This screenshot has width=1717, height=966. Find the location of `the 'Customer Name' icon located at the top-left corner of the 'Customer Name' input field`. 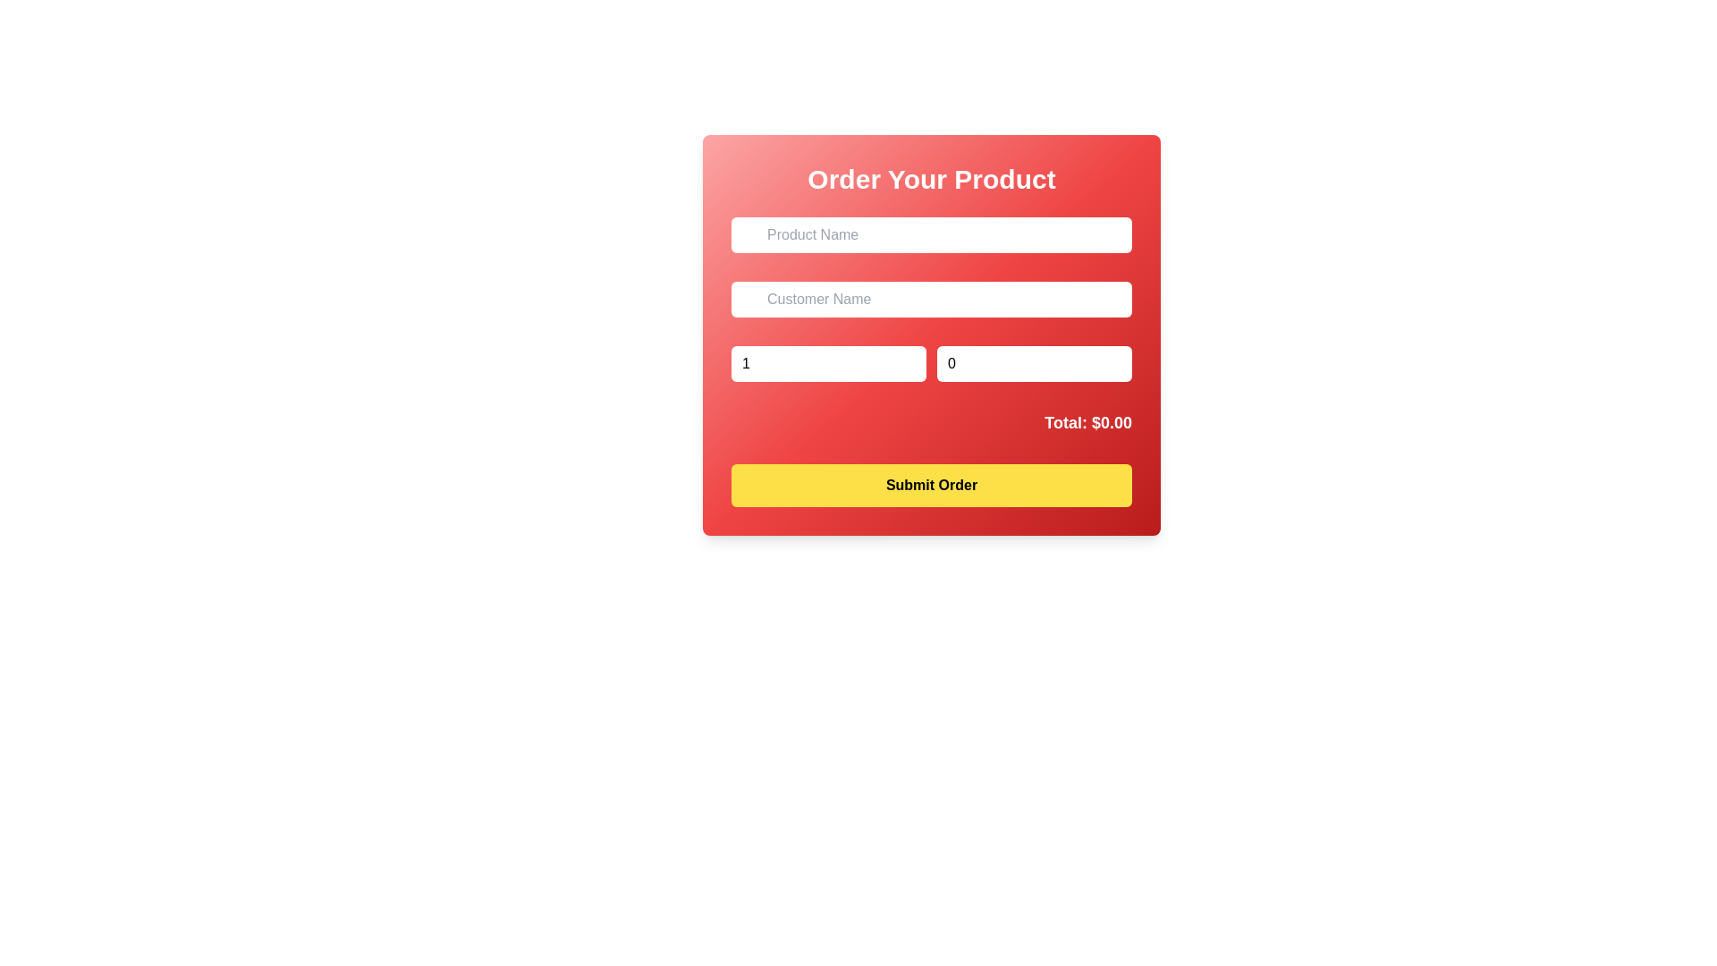

the 'Customer Name' icon located at the top-left corner of the 'Customer Name' input field is located at coordinates (751, 300).